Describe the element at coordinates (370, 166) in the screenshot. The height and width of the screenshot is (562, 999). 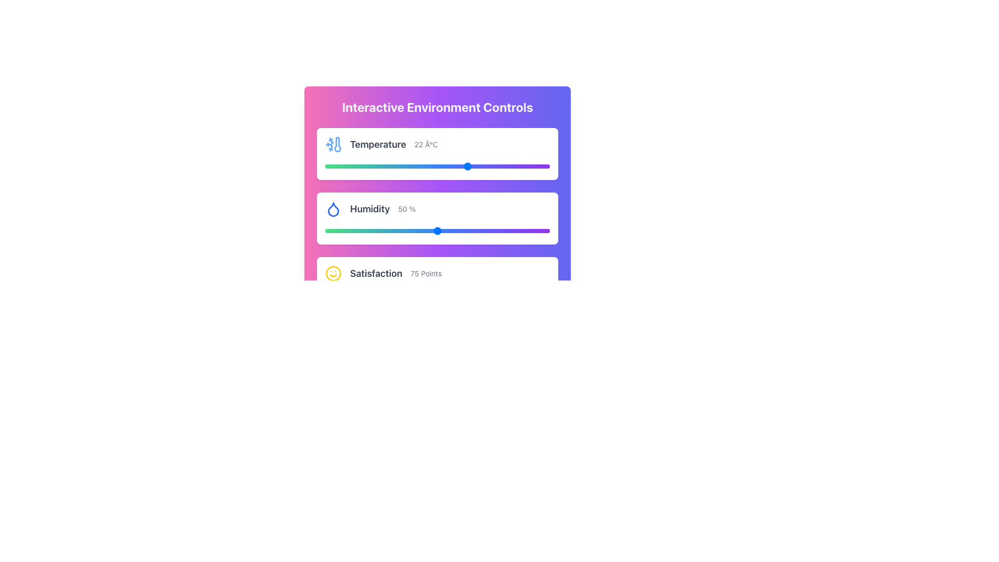
I see `the slider` at that location.